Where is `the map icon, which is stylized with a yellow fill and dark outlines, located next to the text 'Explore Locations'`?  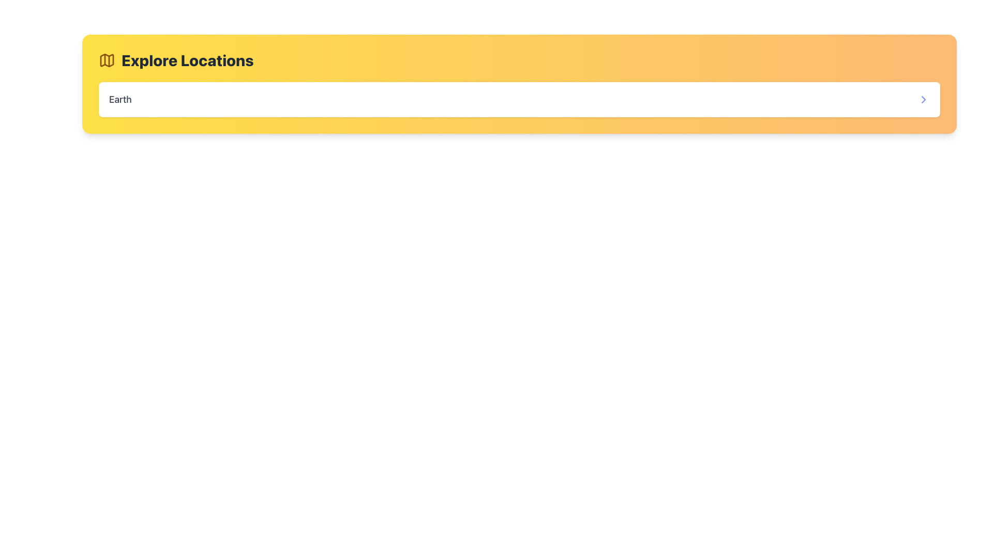
the map icon, which is stylized with a yellow fill and dark outlines, located next to the text 'Explore Locations' is located at coordinates (107, 60).